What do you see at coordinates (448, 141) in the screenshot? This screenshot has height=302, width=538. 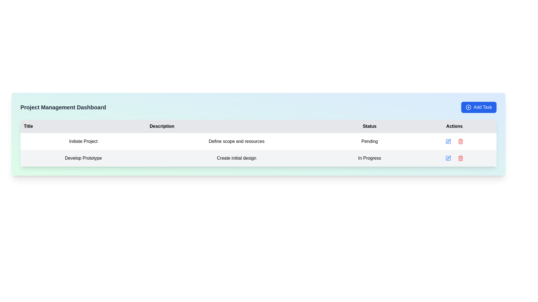 I see `the edit icon button associated with the project titled 'Initiate Project' to change its color` at bounding box center [448, 141].